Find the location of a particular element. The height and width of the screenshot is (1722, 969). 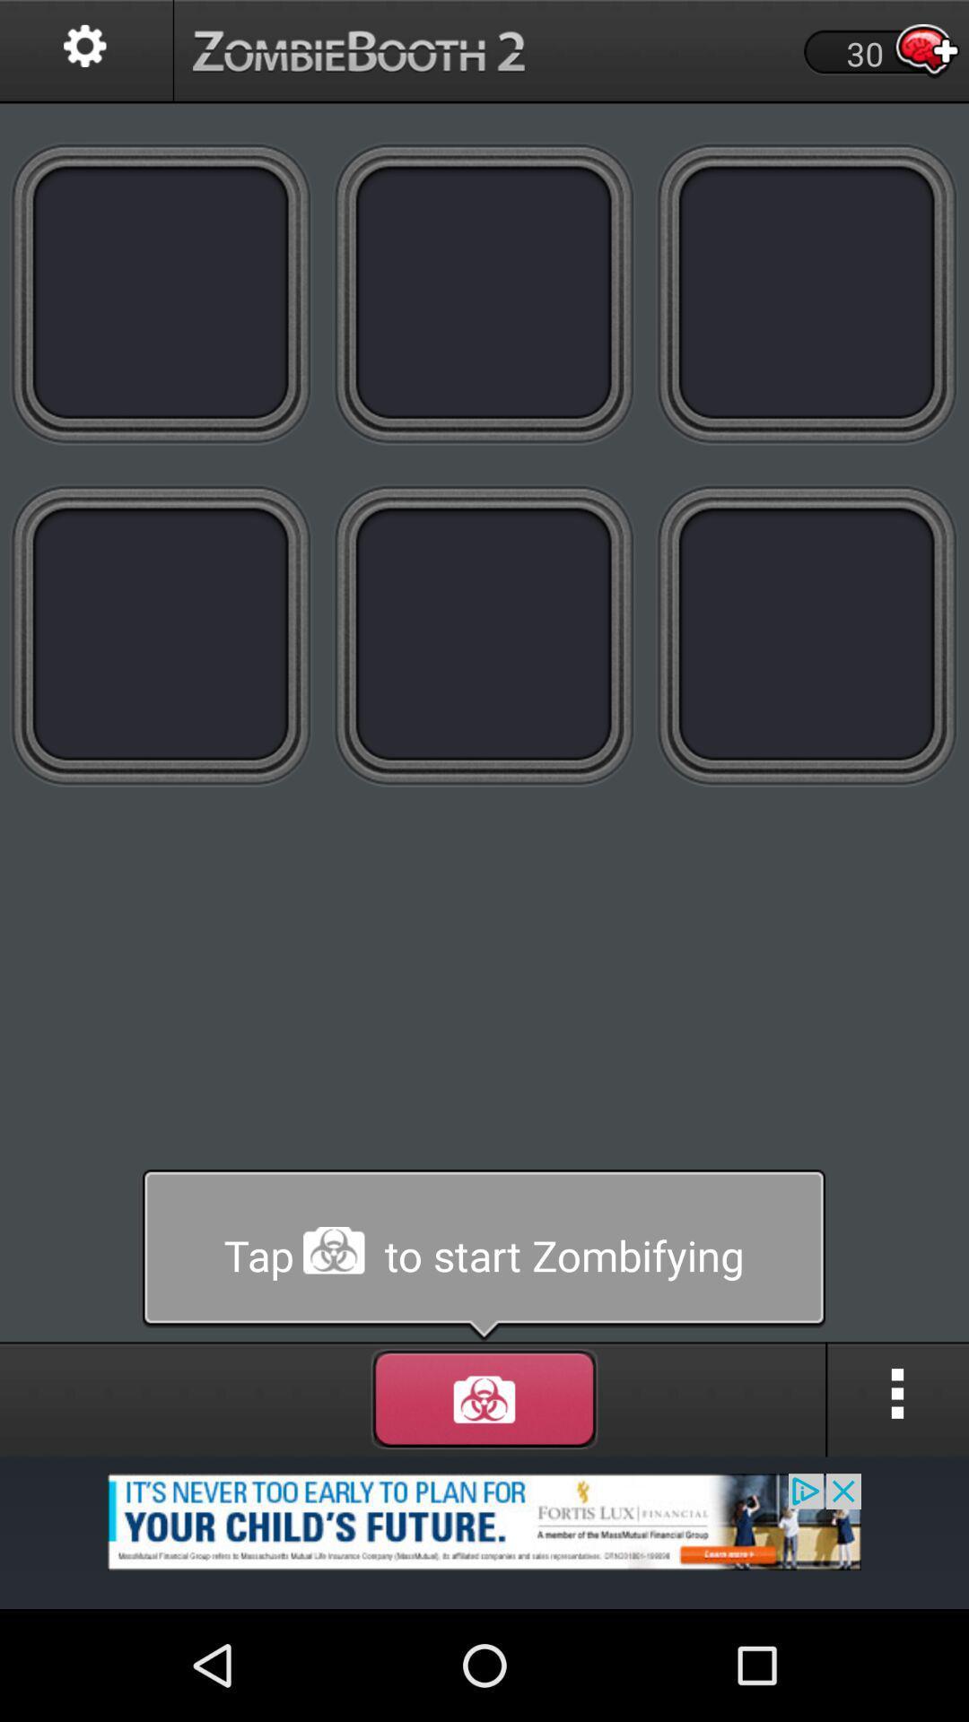

adiveristment is located at coordinates (484, 1531).